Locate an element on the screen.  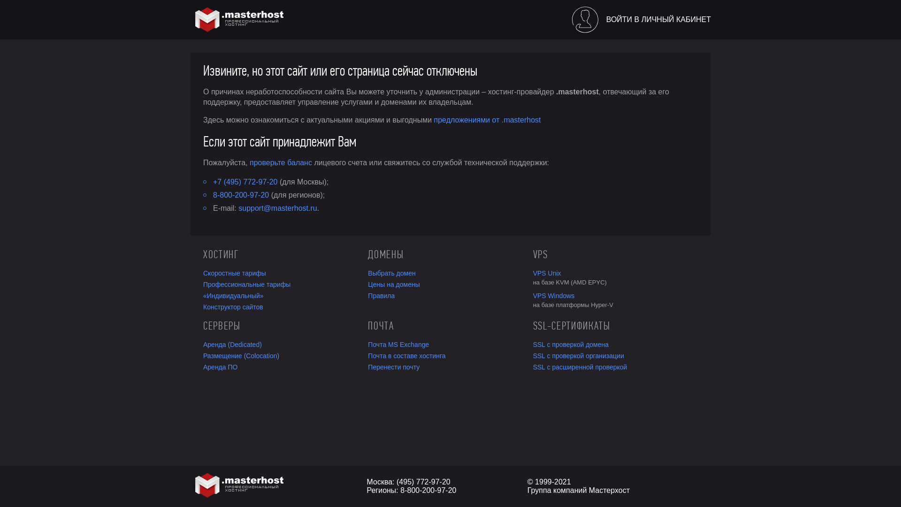
'8-800-200-97-20' is located at coordinates (241, 194).